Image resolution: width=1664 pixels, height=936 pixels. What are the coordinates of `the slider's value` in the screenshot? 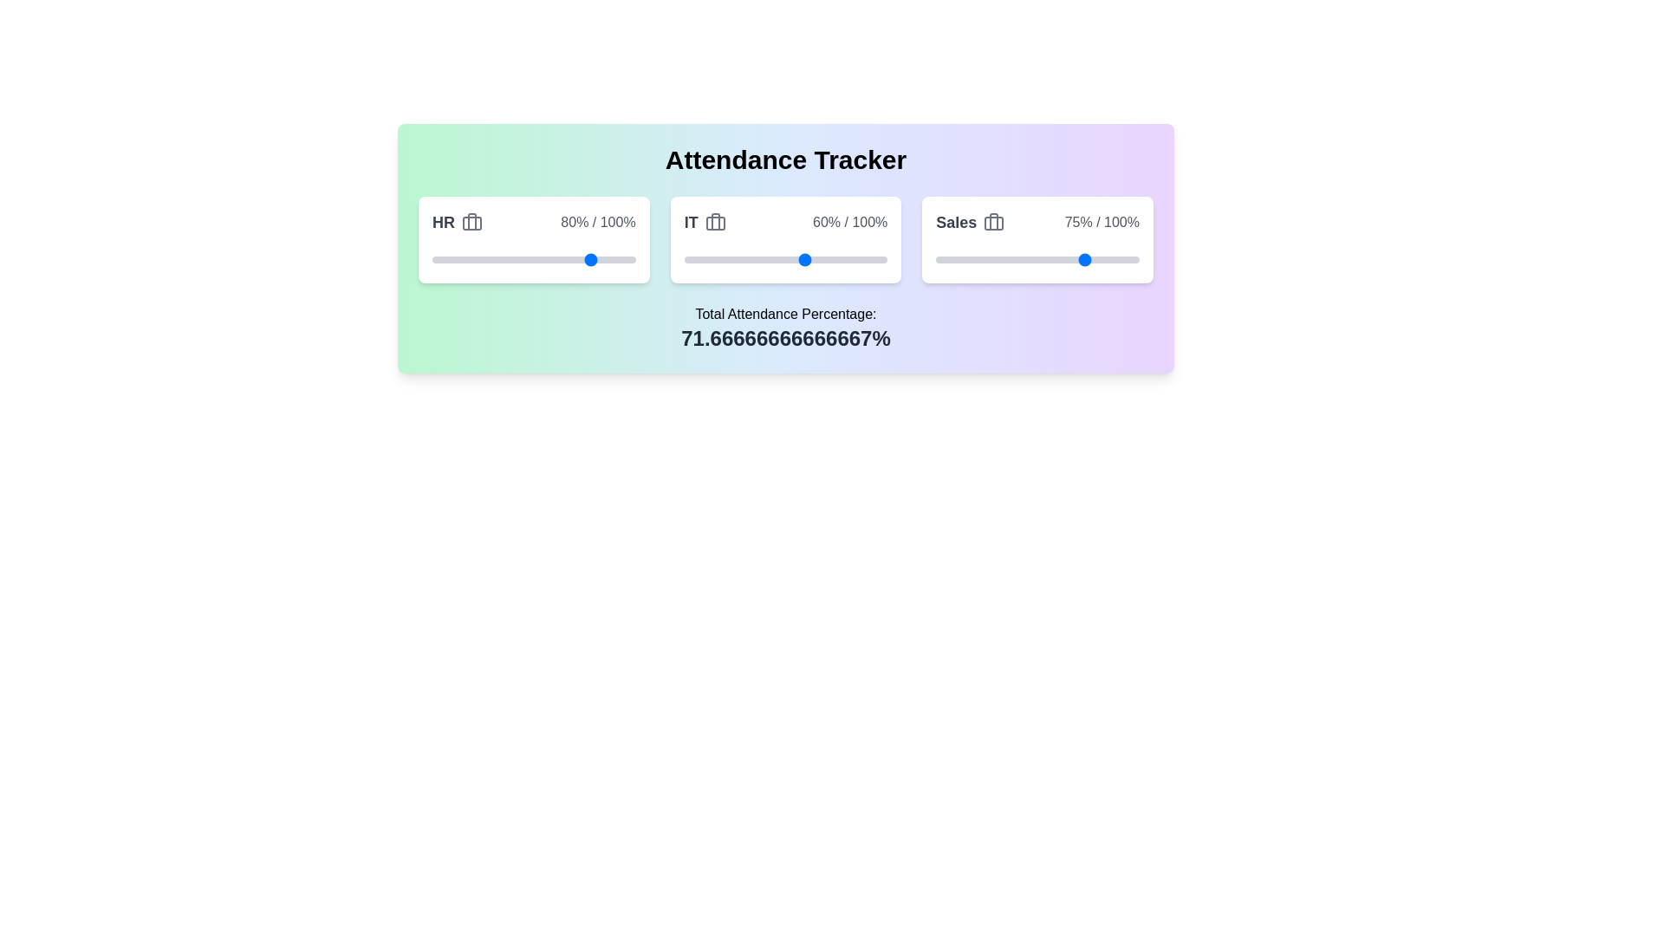 It's located at (989, 260).